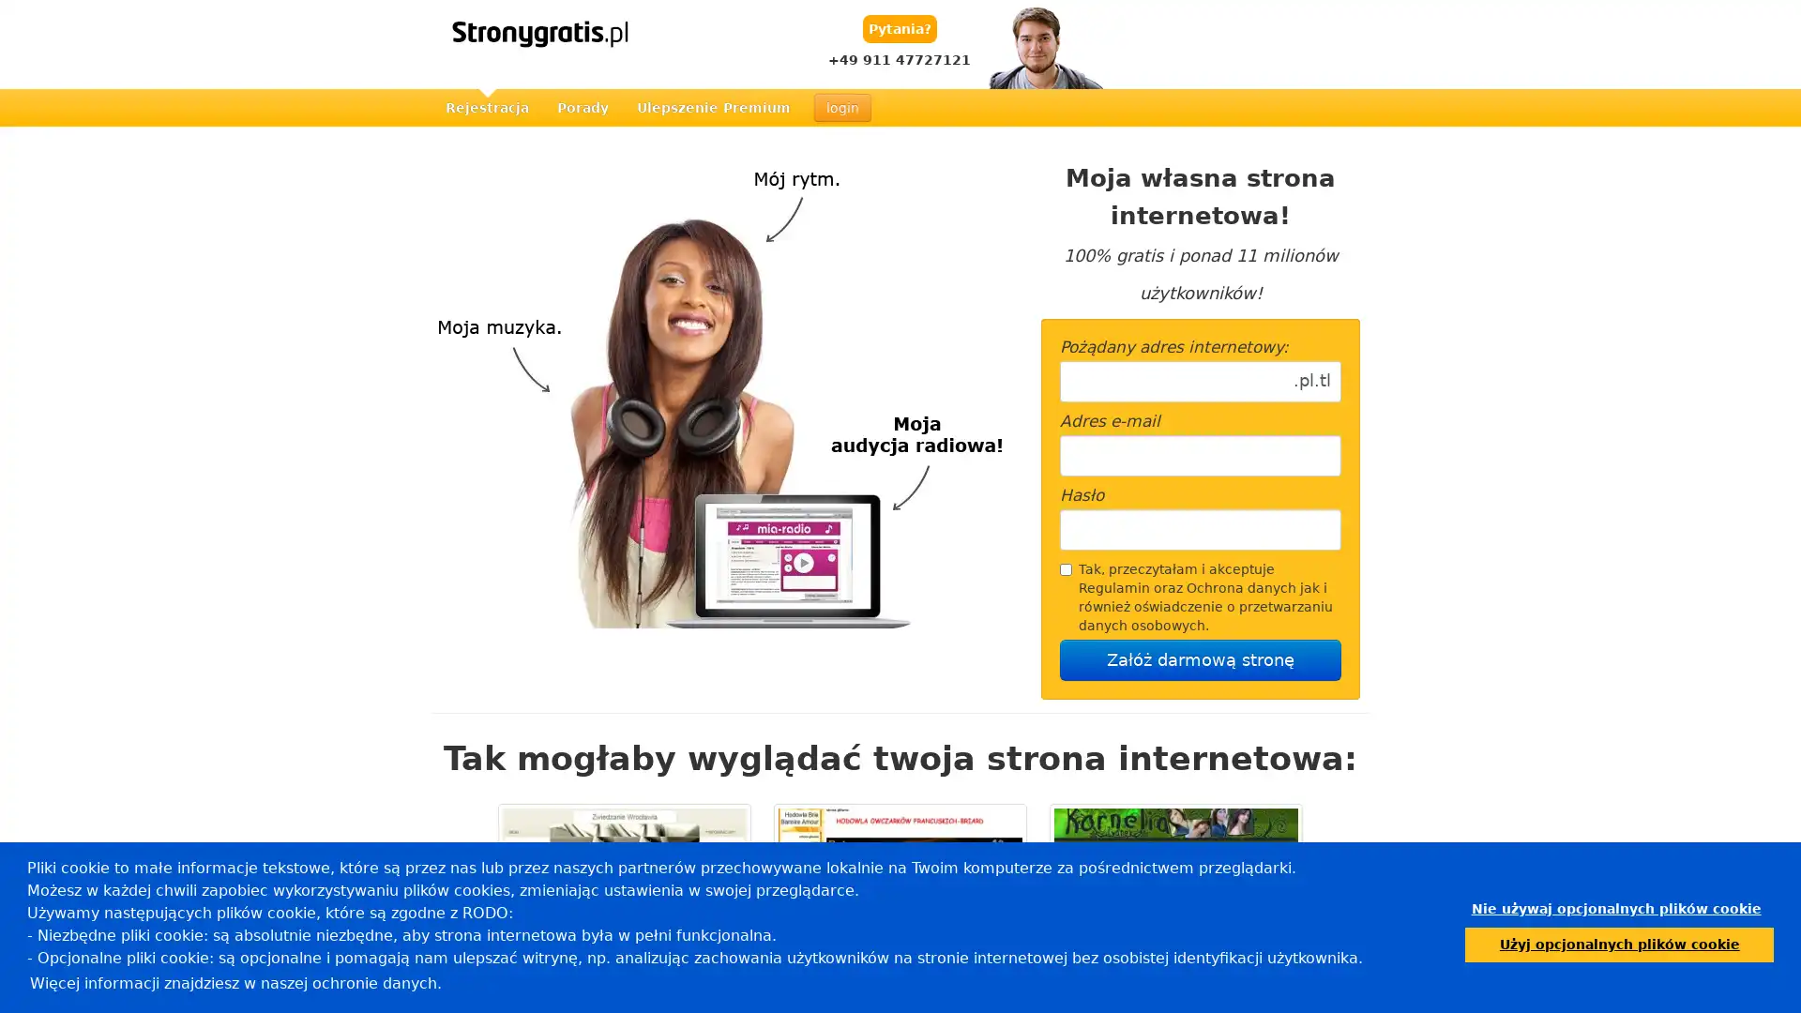 Image resolution: width=1801 pixels, height=1013 pixels. What do you see at coordinates (1201, 659) in the screenshot?
I see `Zaoz darmowa strone` at bounding box center [1201, 659].